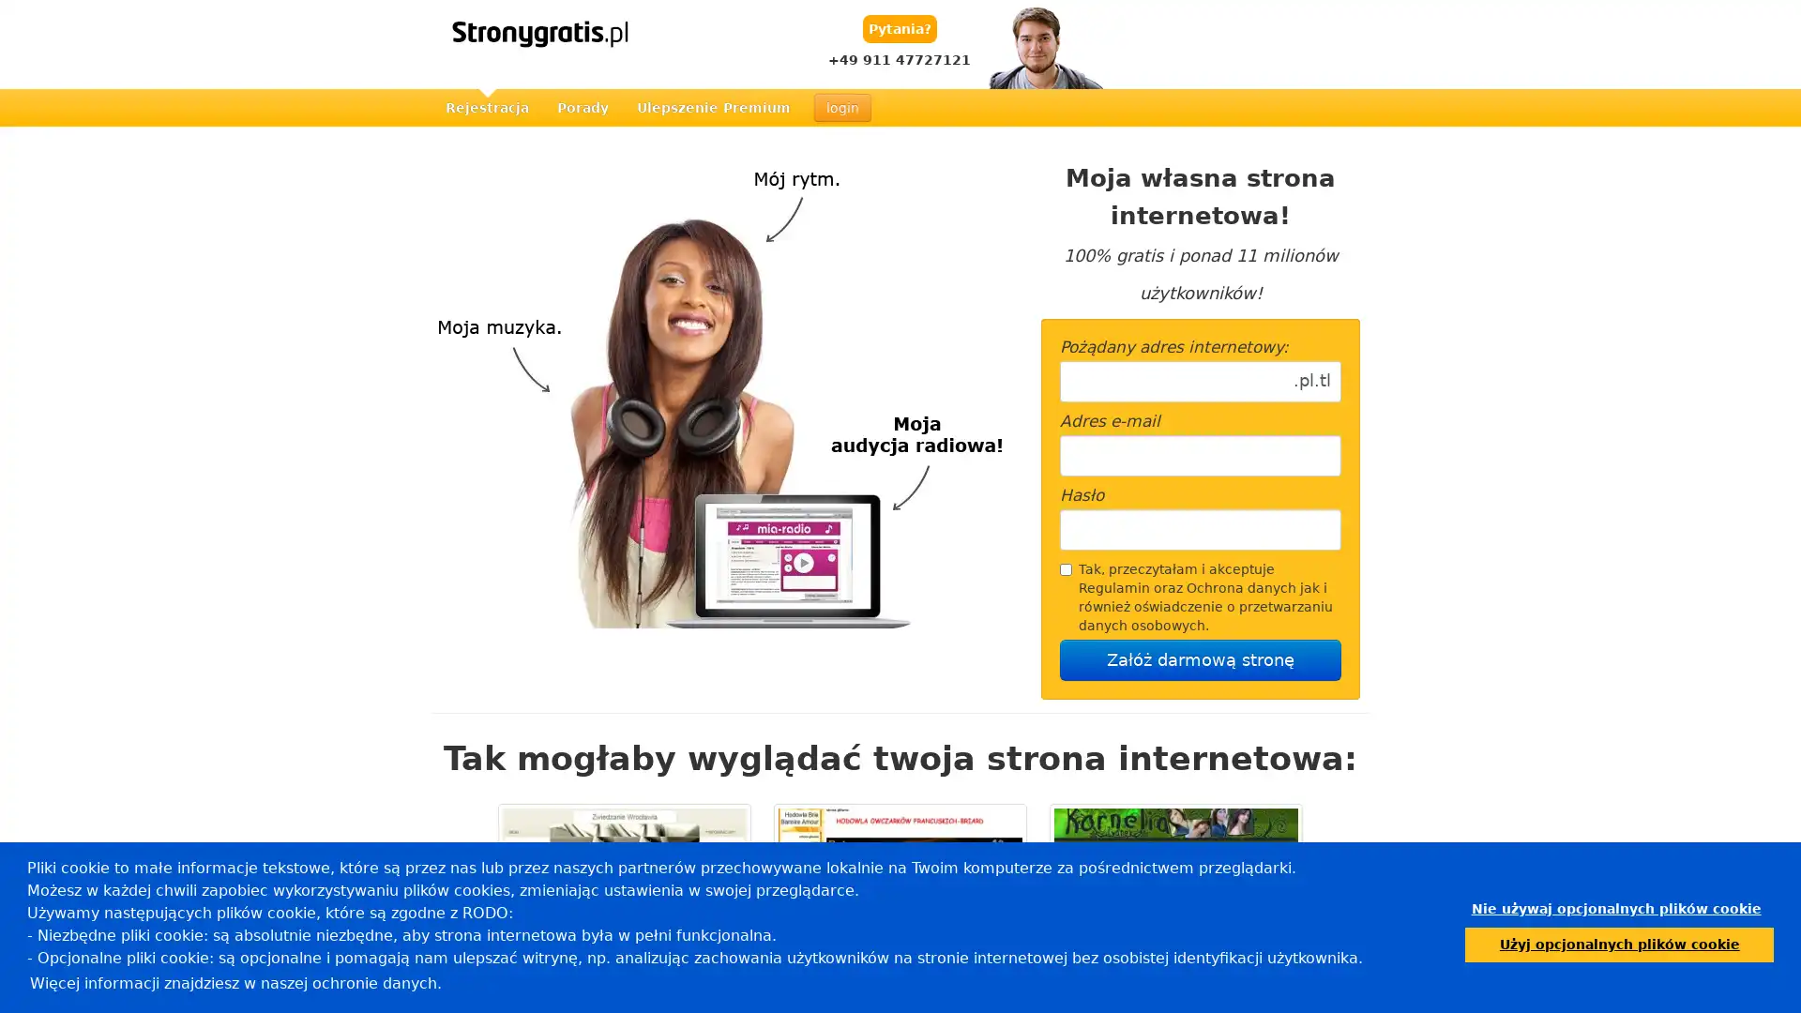 Image resolution: width=1801 pixels, height=1013 pixels. What do you see at coordinates (1201, 659) in the screenshot?
I see `Zaoz darmowa strone` at bounding box center [1201, 659].